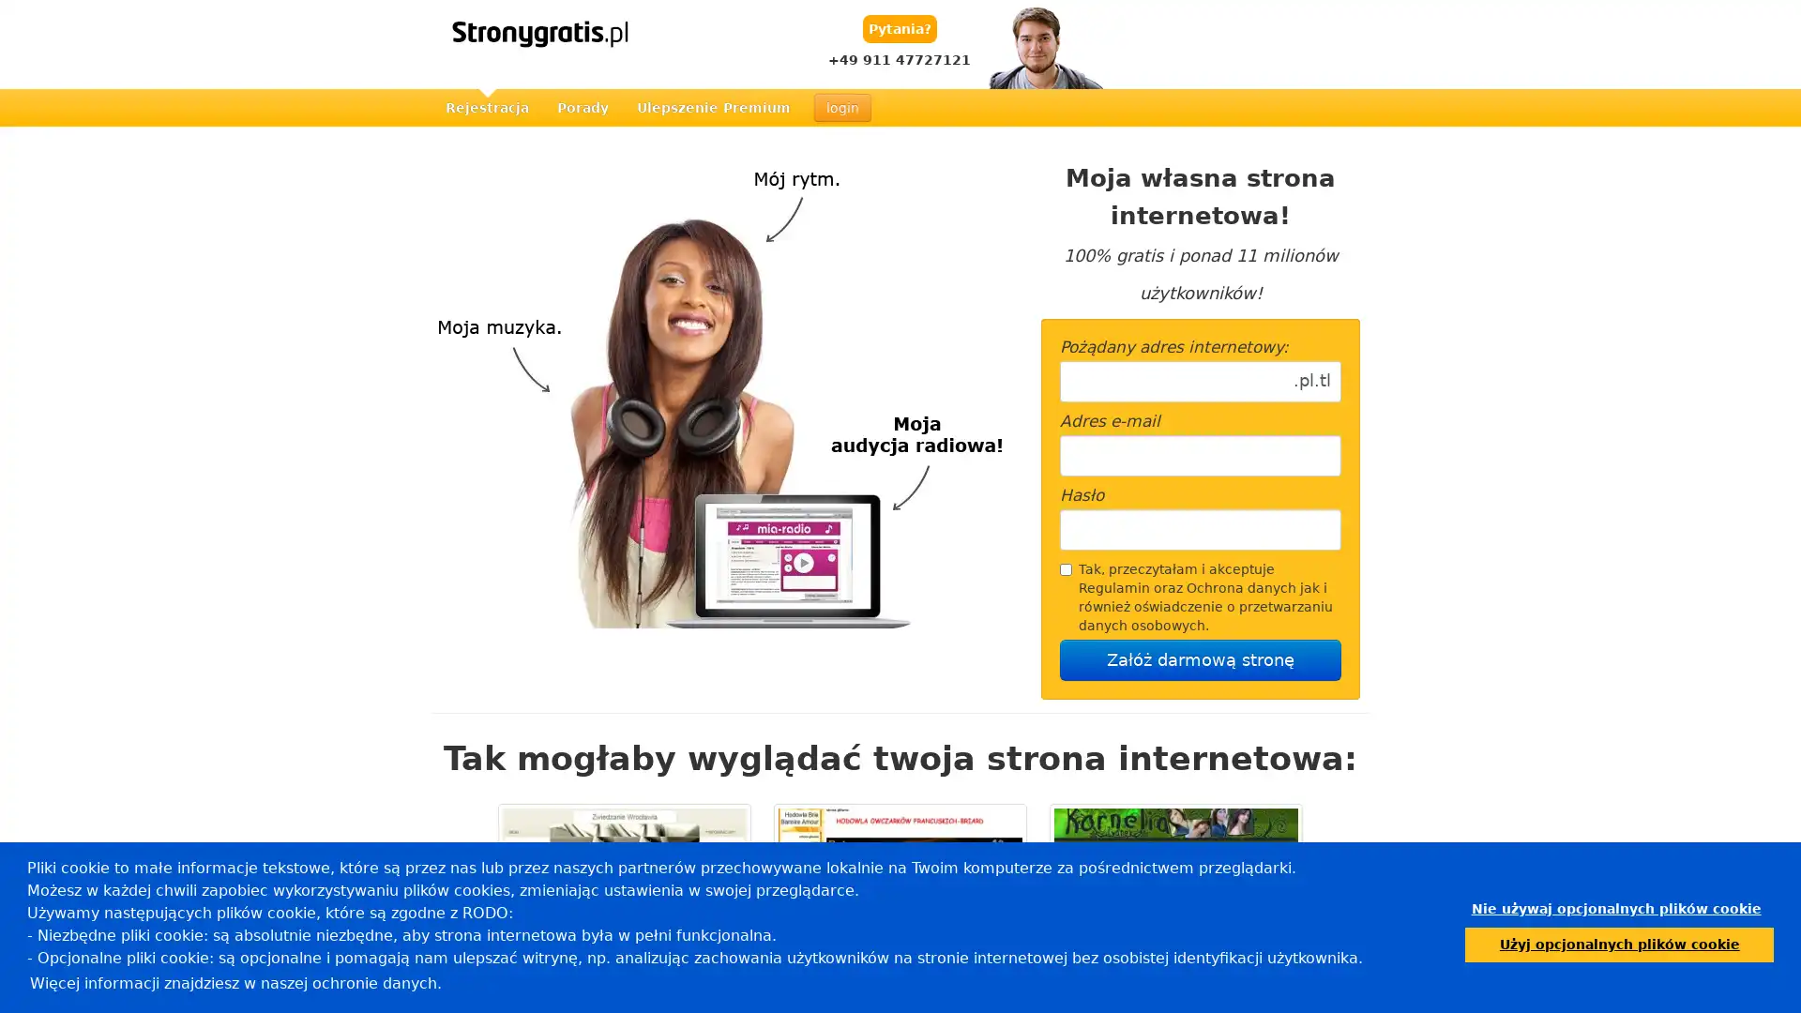 Image resolution: width=1801 pixels, height=1013 pixels. What do you see at coordinates (1201, 659) in the screenshot?
I see `Zaoz darmowa strone` at bounding box center [1201, 659].